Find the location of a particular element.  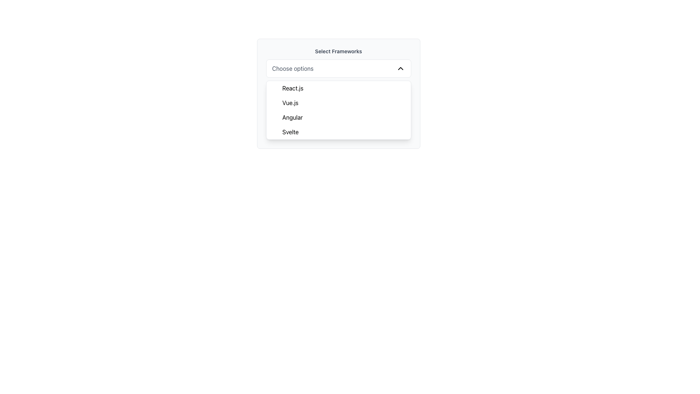

the text element 'Choose options' within the dropdown labeled 'Select Frameworks', which is styled in gray color and positioned at the top center of the dropdown interface is located at coordinates (293, 69).